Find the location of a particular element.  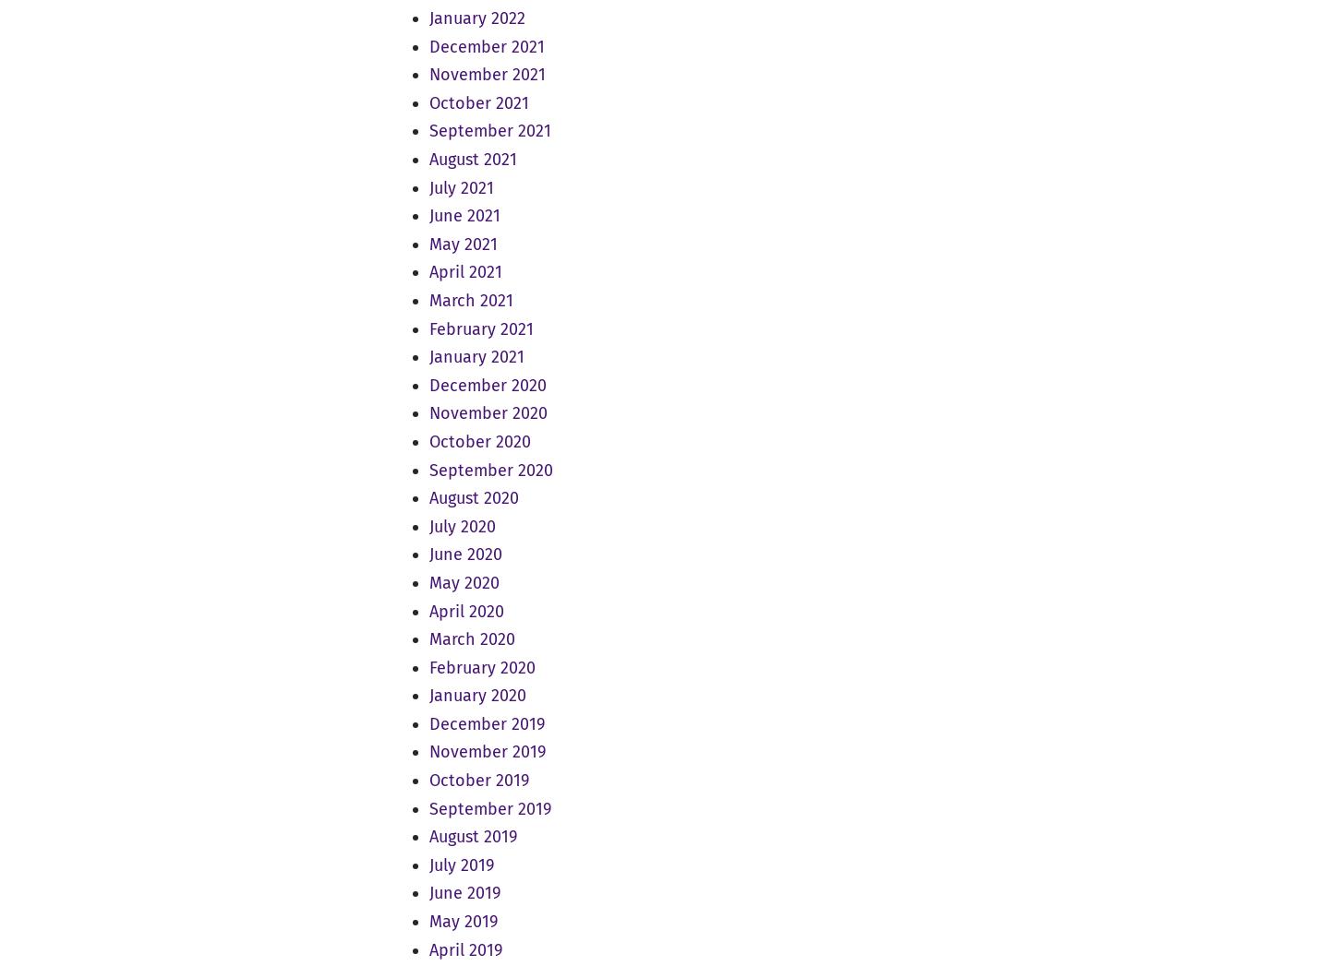

'January 2020' is located at coordinates (428, 696).